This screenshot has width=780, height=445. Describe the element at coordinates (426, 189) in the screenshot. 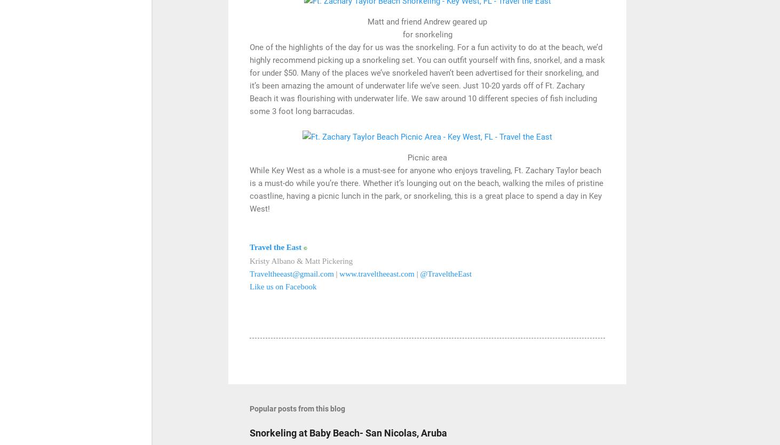

I see `'While Key West as a whole is a must-see for anyone who
enjoys traveling, Ft. Zachary Taylor beach is a must-do while you’re there. Whether
it’s lounging out on the beach, walking the miles of pristine coastline, having
a picnic lunch in the park, or snorkeling, this is a great place to spend a day
in Key West!'` at that location.